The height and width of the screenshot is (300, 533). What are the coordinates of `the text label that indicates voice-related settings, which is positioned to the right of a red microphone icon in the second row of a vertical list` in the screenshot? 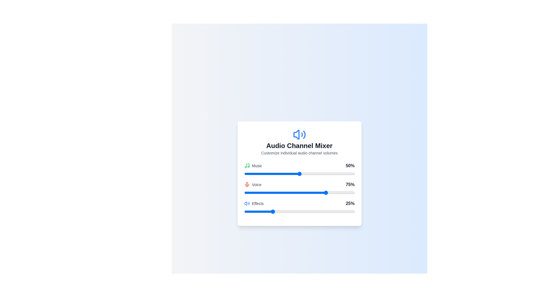 It's located at (256, 184).